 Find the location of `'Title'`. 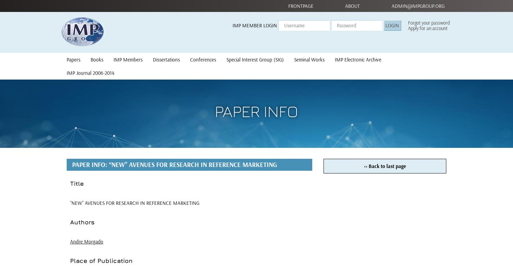

'Title' is located at coordinates (77, 183).